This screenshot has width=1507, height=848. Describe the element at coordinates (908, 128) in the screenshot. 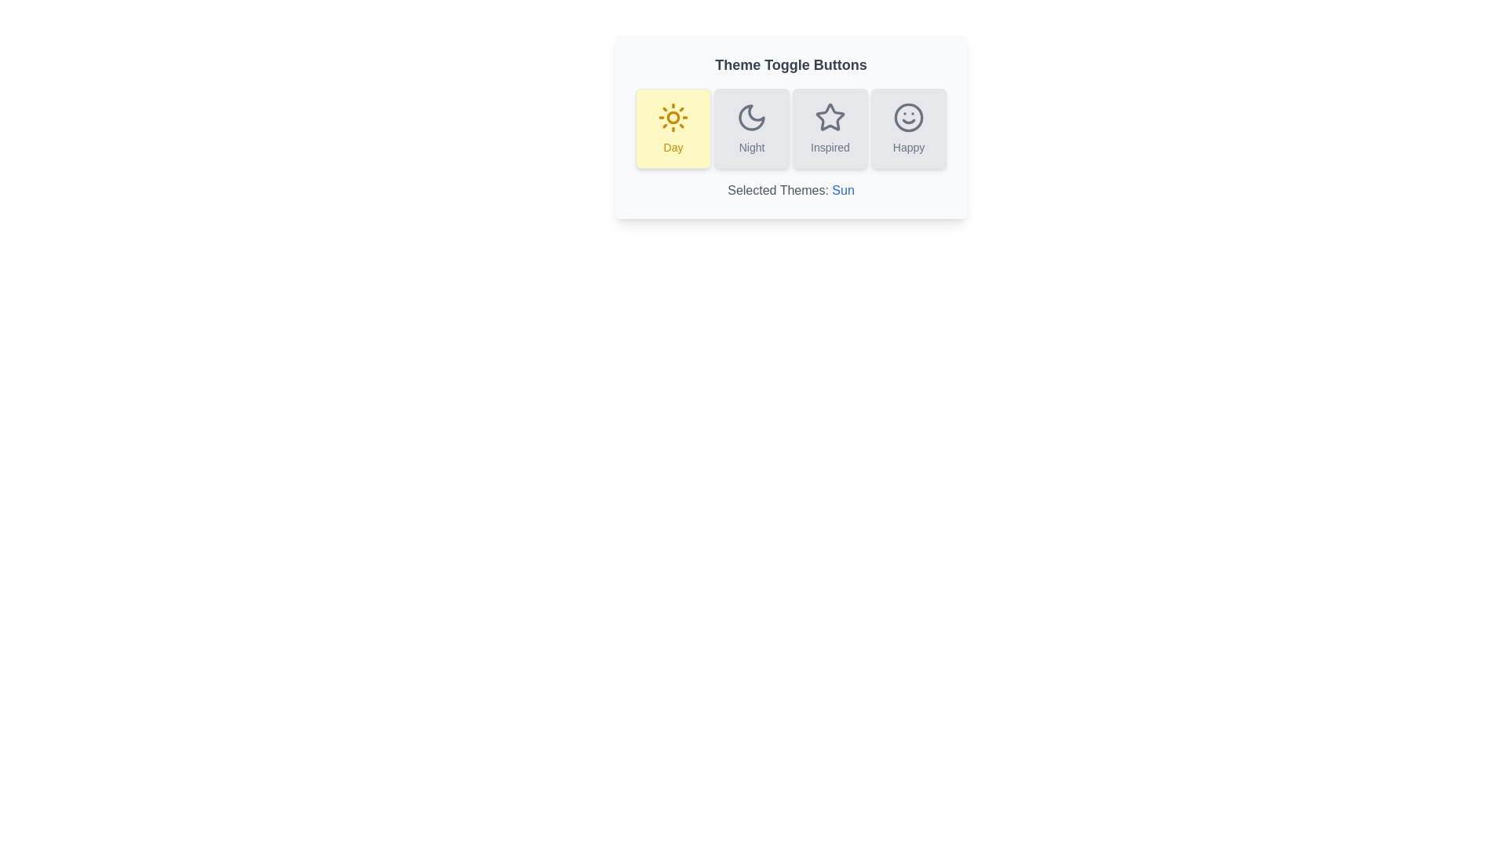

I see `the 'Happy' theme toggle button, which is the fourth button in a horizontal group, positioned to the right of the 'Inspired' button` at that location.